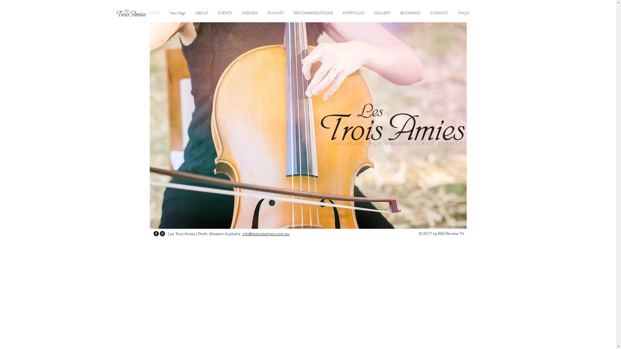 Image resolution: width=621 pixels, height=349 pixels. Describe the element at coordinates (143, 13) in the screenshot. I see `'HOME'` at that location.